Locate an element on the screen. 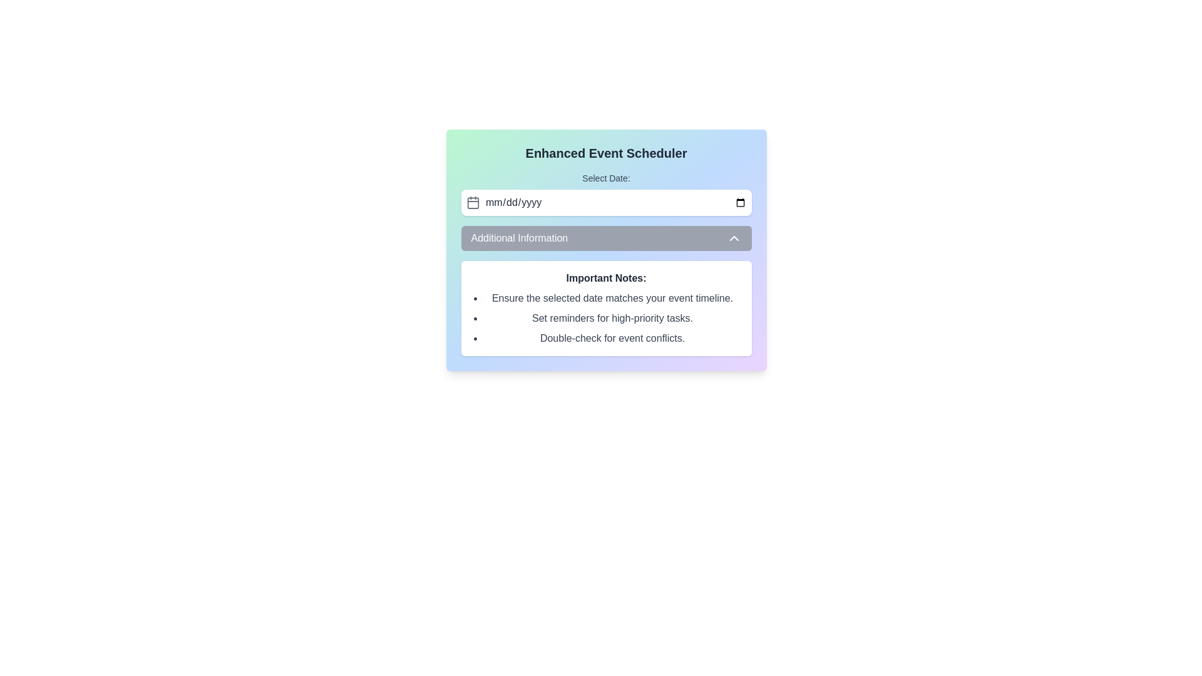  the gray calendar icon located is located at coordinates (472, 202).